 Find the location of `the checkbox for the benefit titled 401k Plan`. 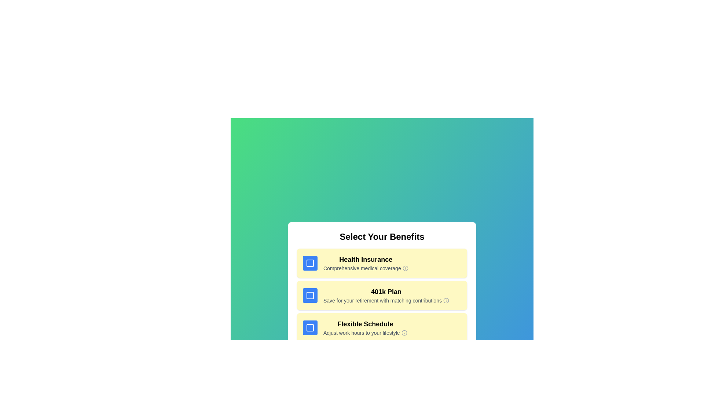

the checkbox for the benefit titled 401k Plan is located at coordinates (310, 295).